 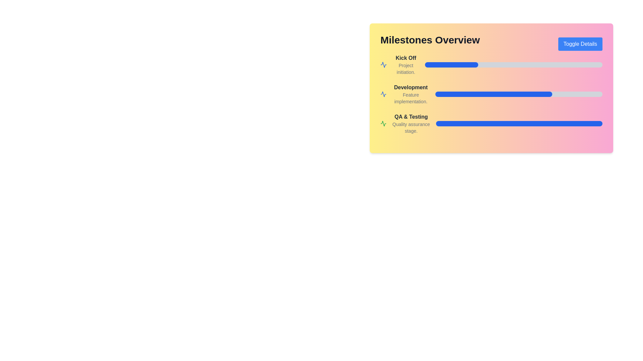 I want to click on the green waveform icon within the 'QA & Testing' section of the 'Milestones Overview' card for user interaction, so click(x=383, y=124).